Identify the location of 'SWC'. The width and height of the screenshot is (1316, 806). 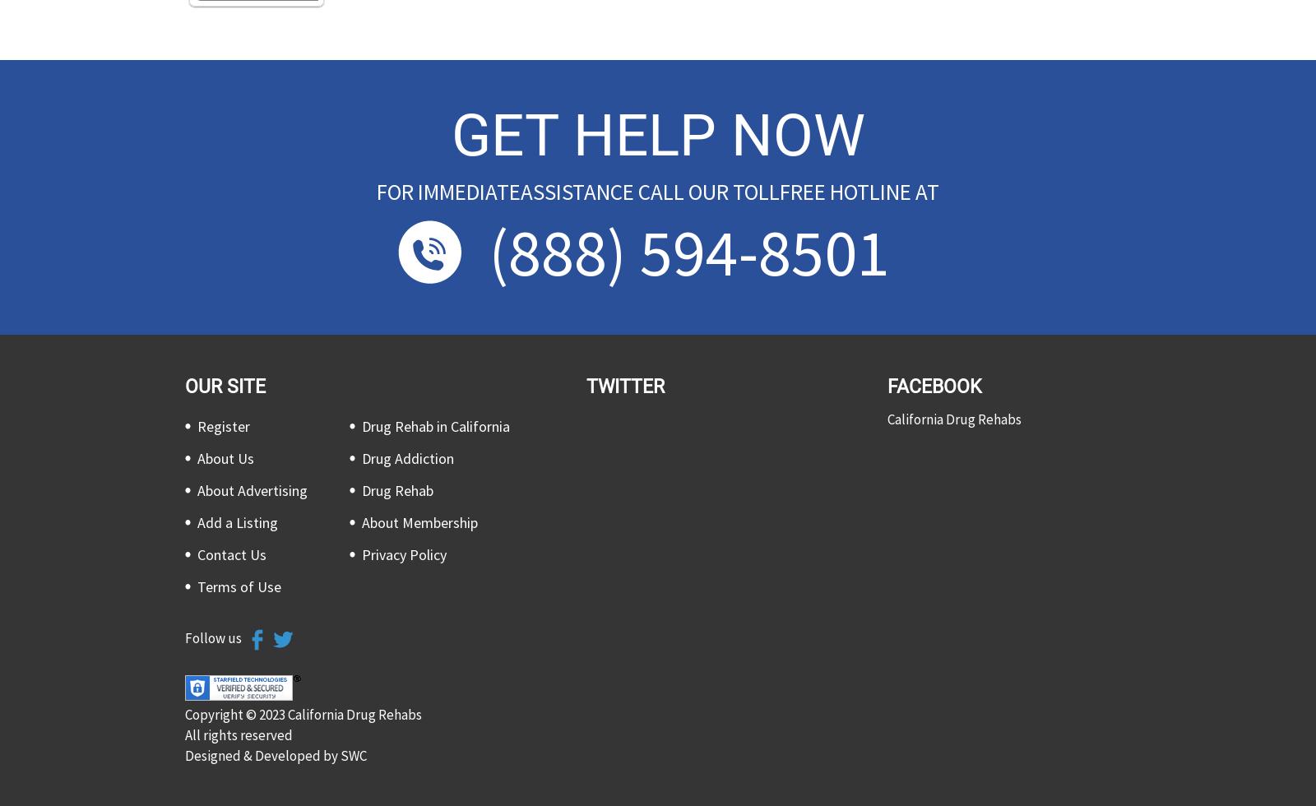
(352, 754).